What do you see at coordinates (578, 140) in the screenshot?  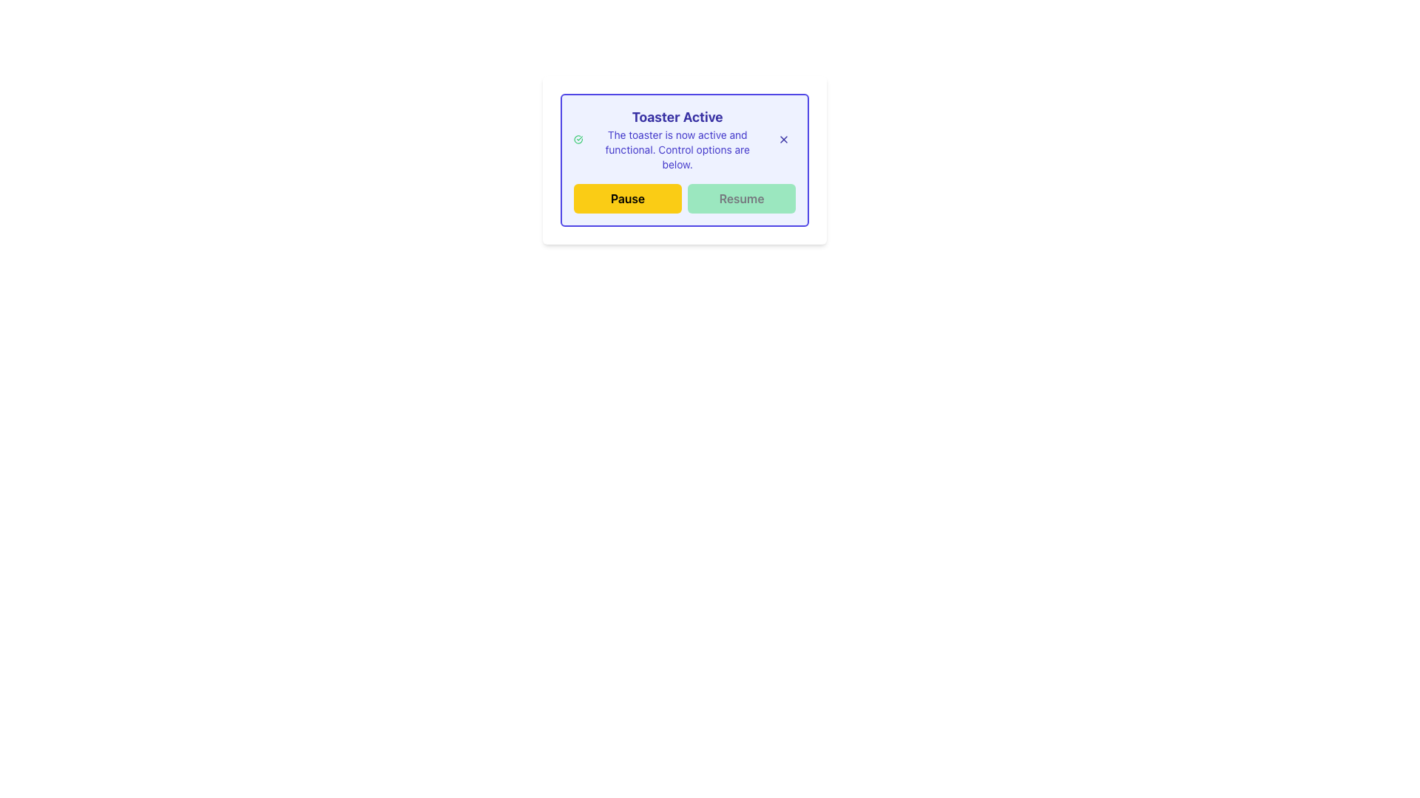 I see `the circular green icon with a checkmark located to the left of the 'Toaster Active' text within the card component` at bounding box center [578, 140].